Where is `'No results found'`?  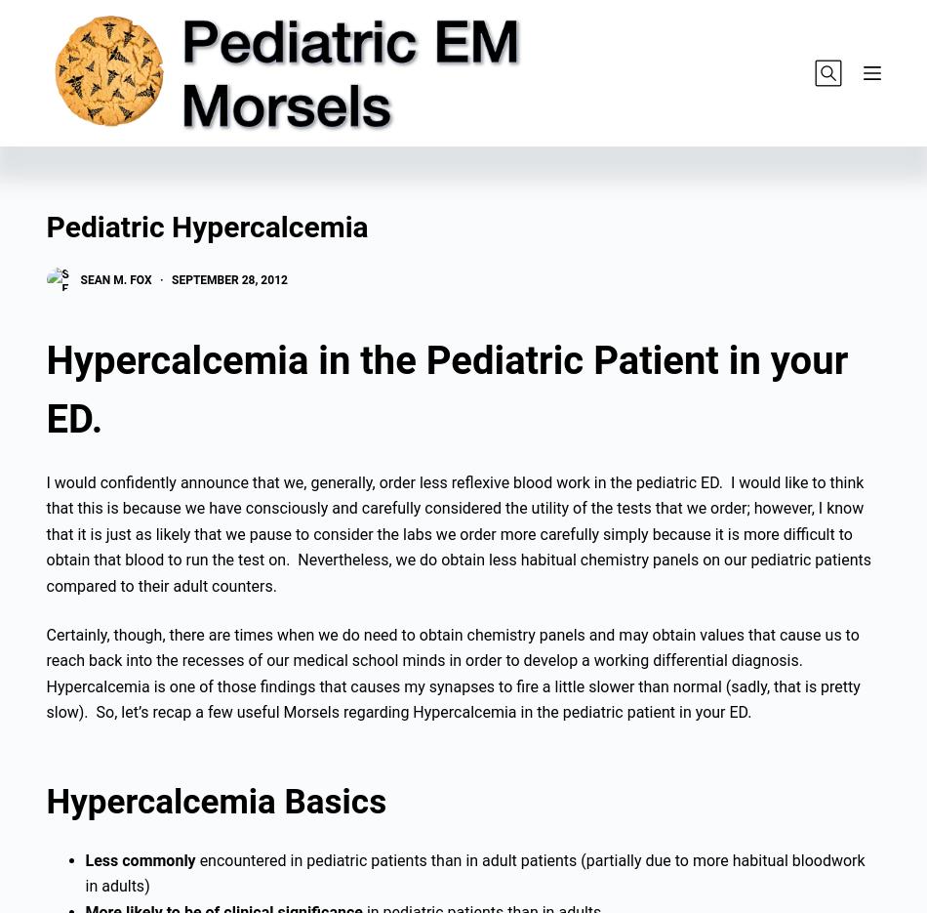 'No results found' is located at coordinates (143, 181).